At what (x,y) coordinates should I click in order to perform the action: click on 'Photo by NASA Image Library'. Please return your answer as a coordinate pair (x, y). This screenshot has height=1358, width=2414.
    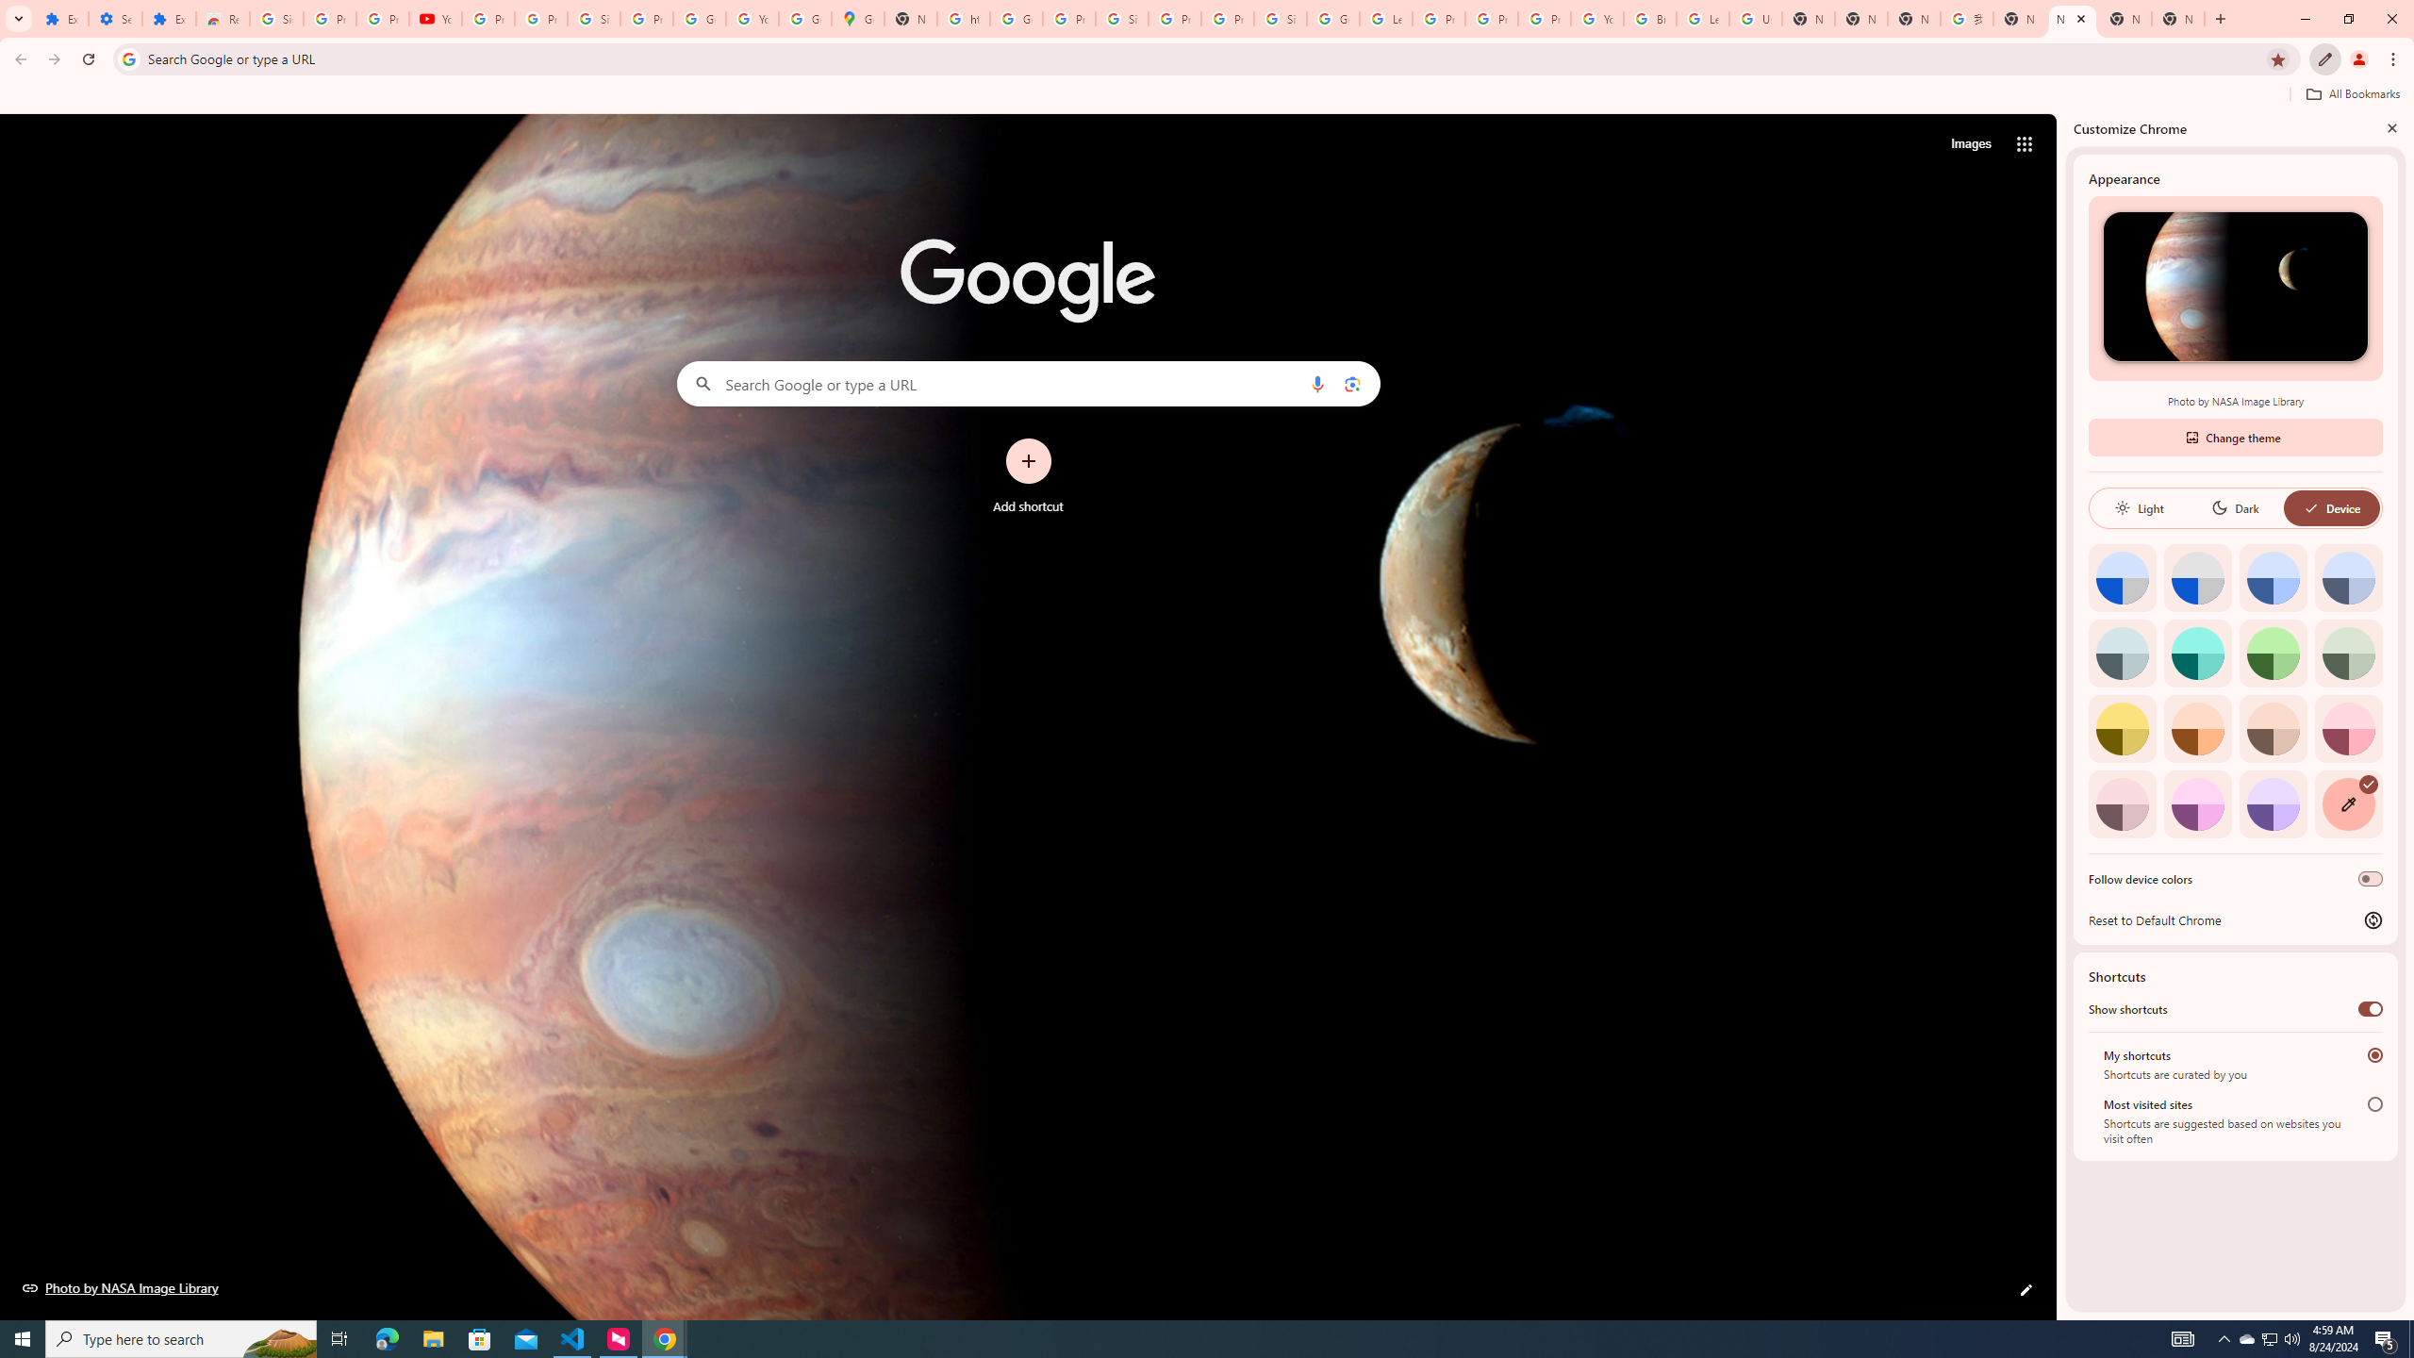
    Looking at the image, I should click on (2234, 286).